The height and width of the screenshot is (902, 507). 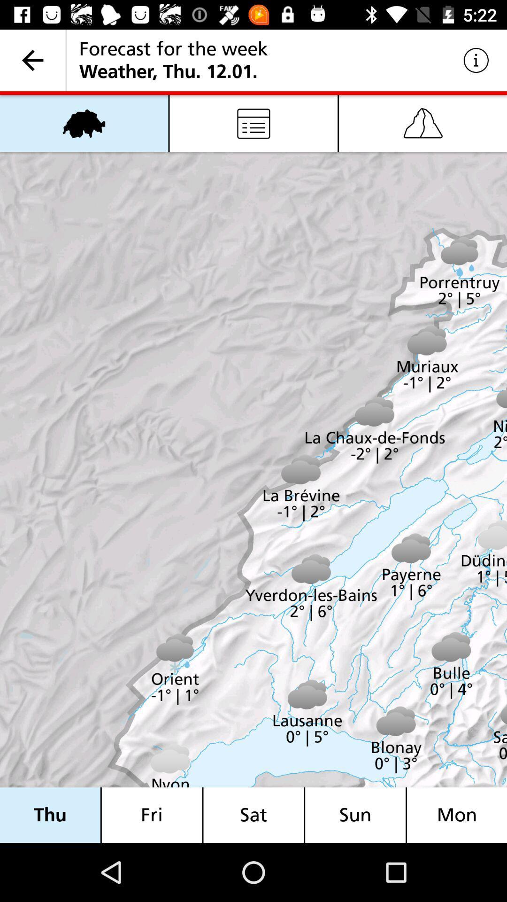 I want to click on the sun, so click(x=355, y=815).